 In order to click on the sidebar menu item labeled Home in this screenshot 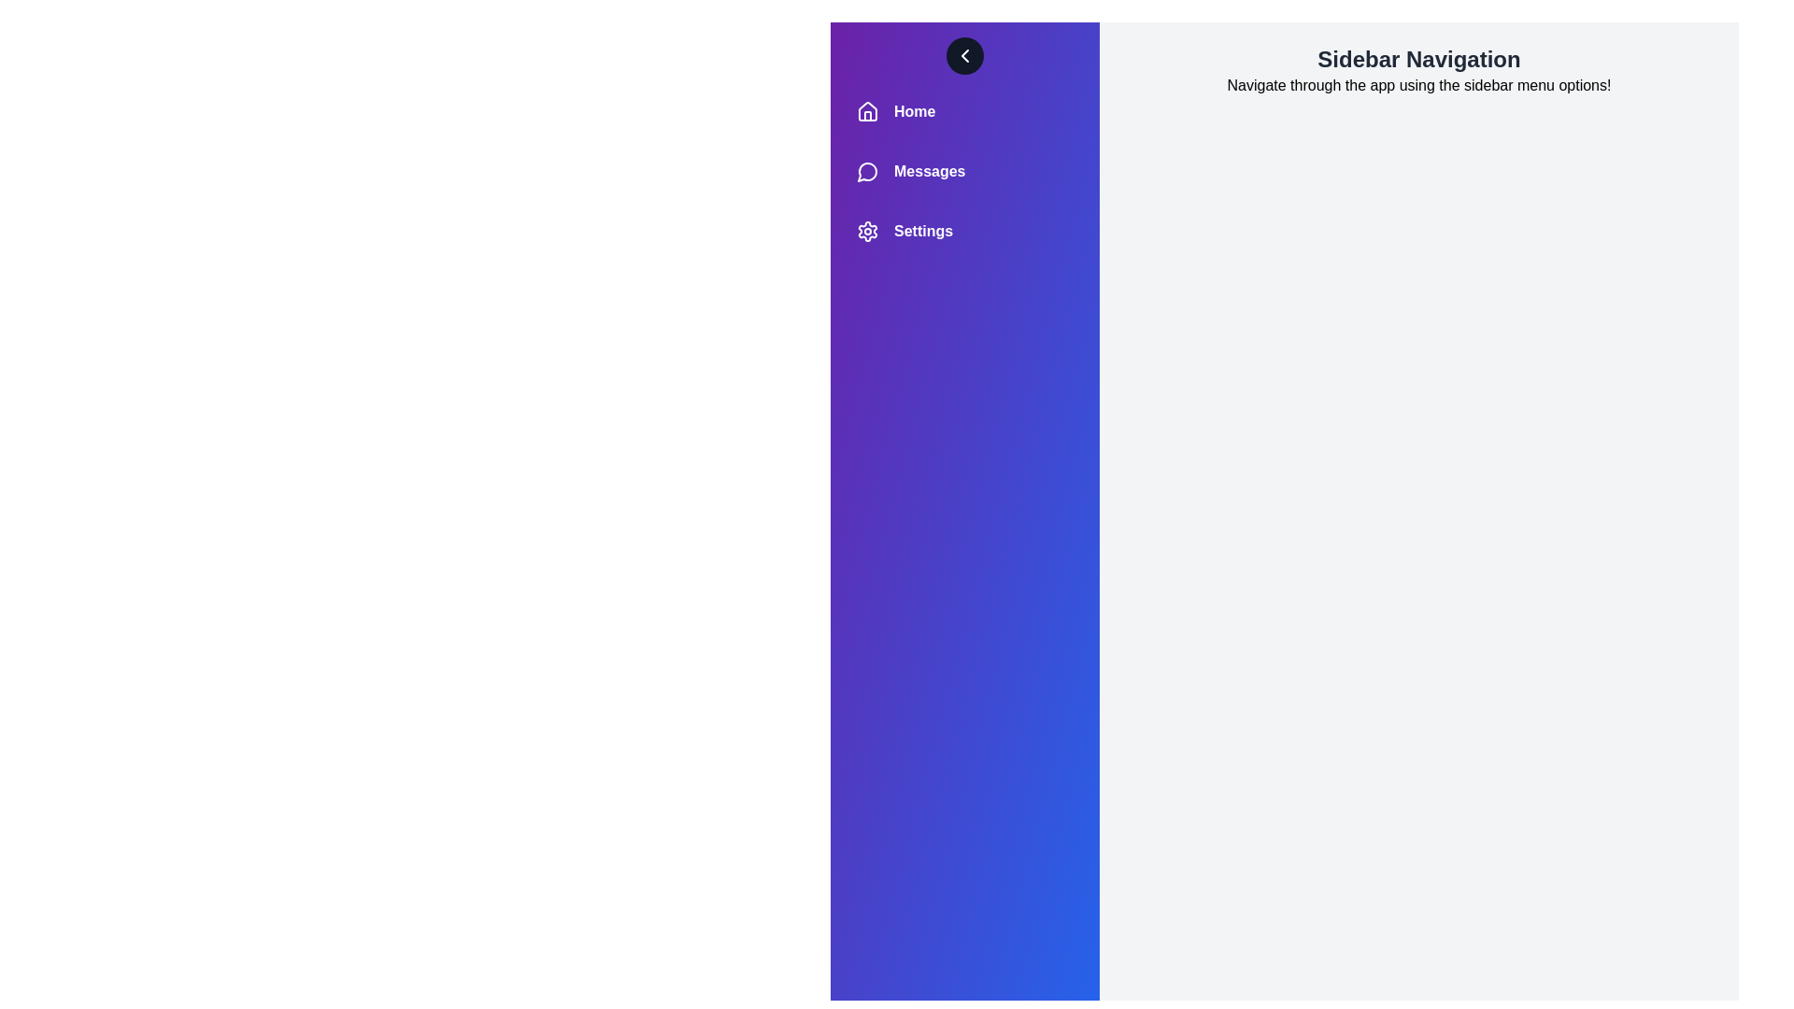, I will do `click(964, 111)`.